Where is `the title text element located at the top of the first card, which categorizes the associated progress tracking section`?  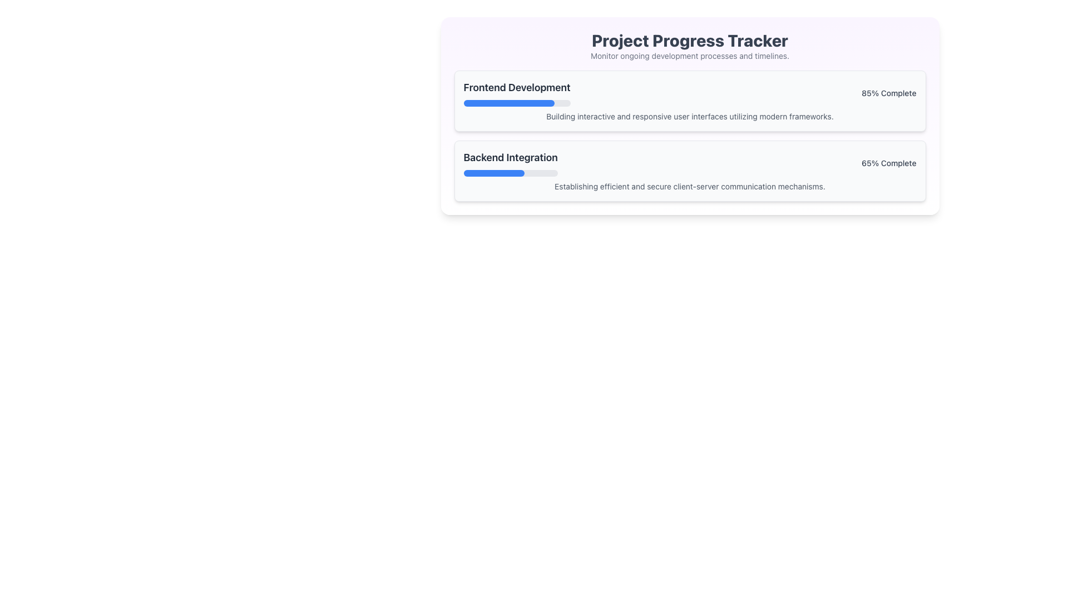
the title text element located at the top of the first card, which categorizes the associated progress tracking section is located at coordinates (516, 87).